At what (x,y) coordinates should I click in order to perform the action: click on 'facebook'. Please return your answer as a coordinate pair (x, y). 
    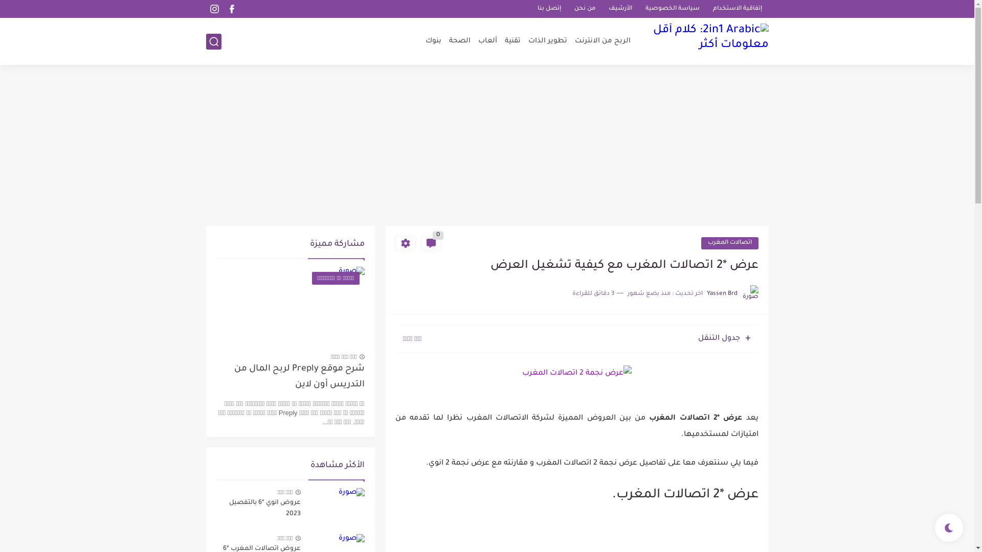
    Looking at the image, I should click on (232, 9).